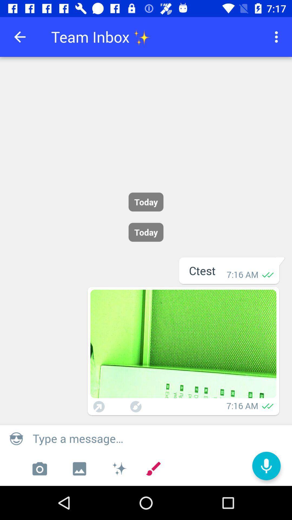  What do you see at coordinates (153, 469) in the screenshot?
I see `the edit icon` at bounding box center [153, 469].